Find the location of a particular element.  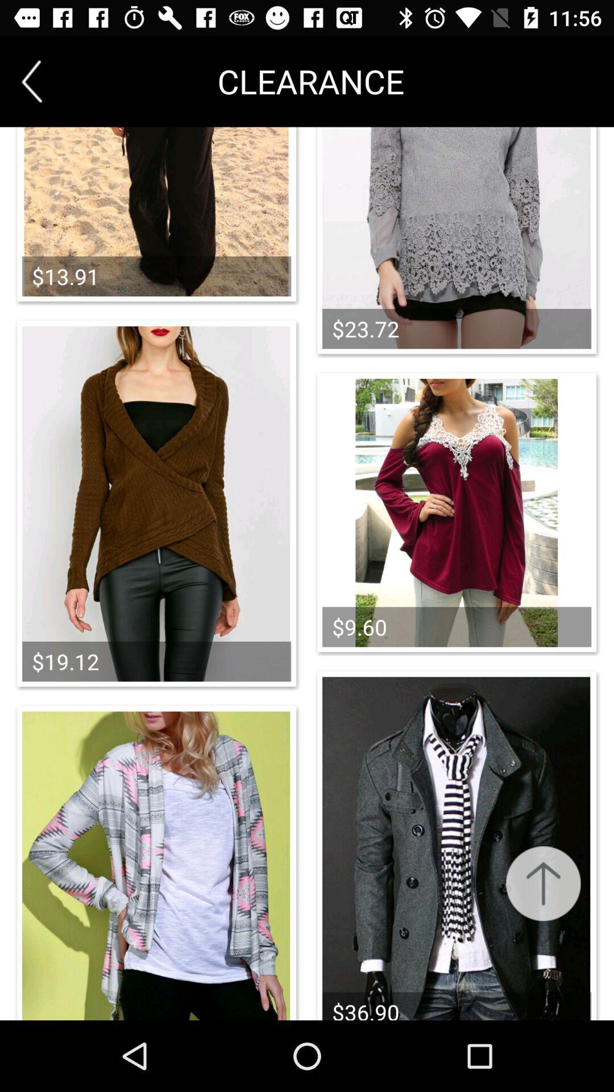

scroll up is located at coordinates (542, 883).